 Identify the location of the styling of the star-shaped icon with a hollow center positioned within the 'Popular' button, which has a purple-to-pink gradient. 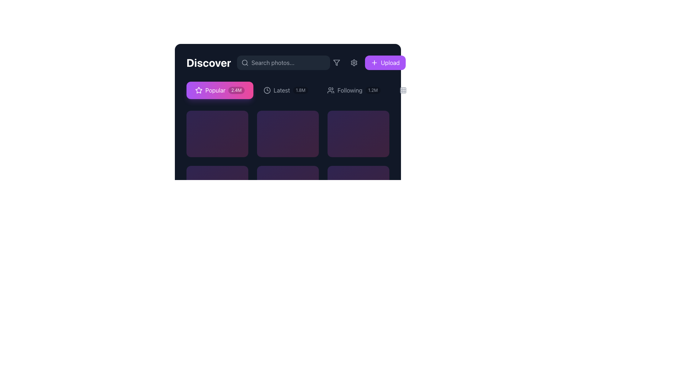
(199, 90).